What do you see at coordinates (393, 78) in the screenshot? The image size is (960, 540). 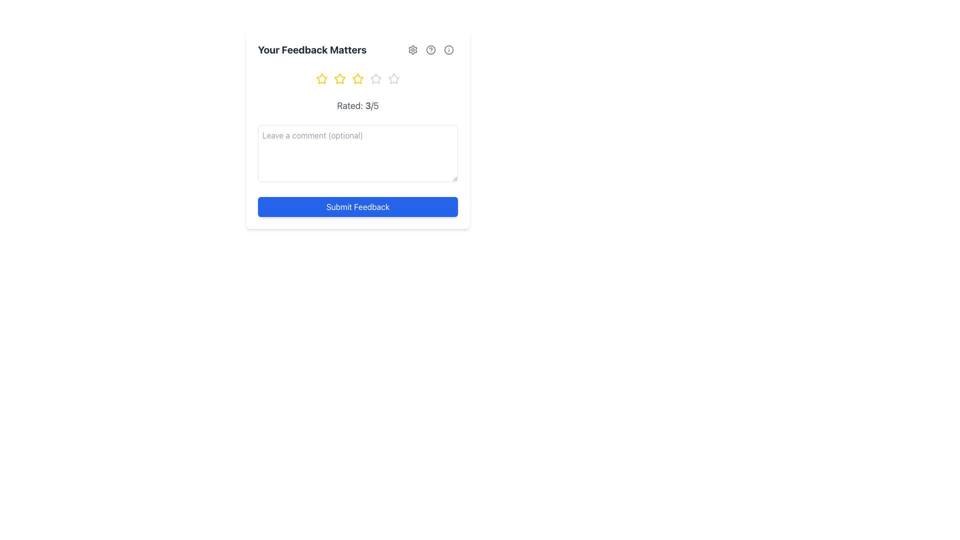 I see `the fifth rating star icon, which is styled with a light gray color and is part of a horizontal group of star icons under the heading 'Your Feedback Matters'` at bounding box center [393, 78].